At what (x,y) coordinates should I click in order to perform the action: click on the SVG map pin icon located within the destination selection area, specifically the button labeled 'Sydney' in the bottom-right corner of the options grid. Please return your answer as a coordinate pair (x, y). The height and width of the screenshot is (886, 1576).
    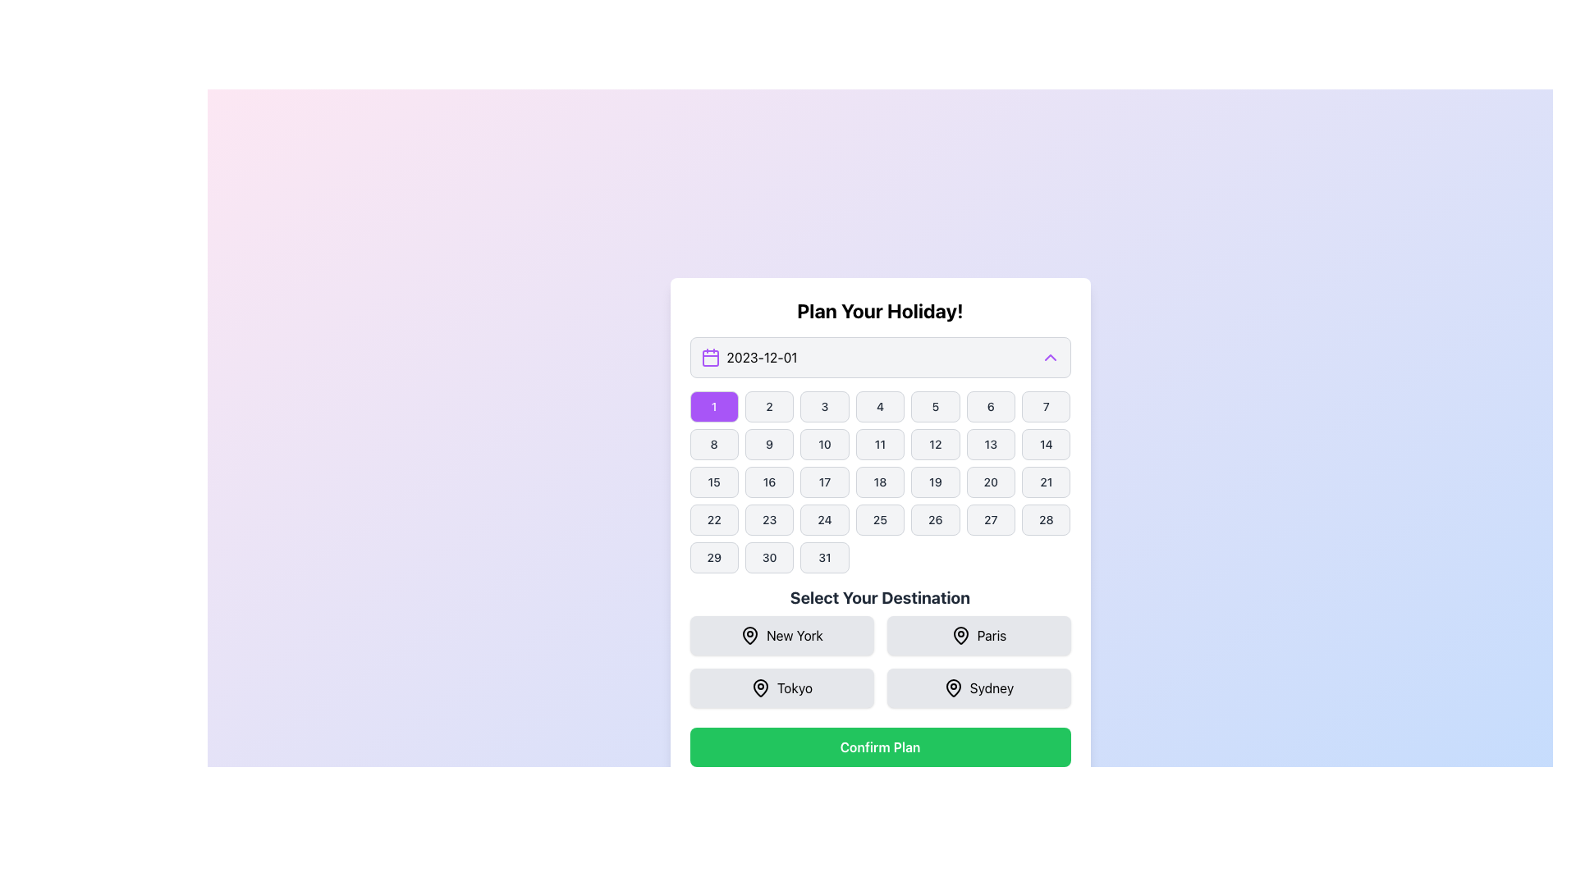
    Looking at the image, I should click on (953, 688).